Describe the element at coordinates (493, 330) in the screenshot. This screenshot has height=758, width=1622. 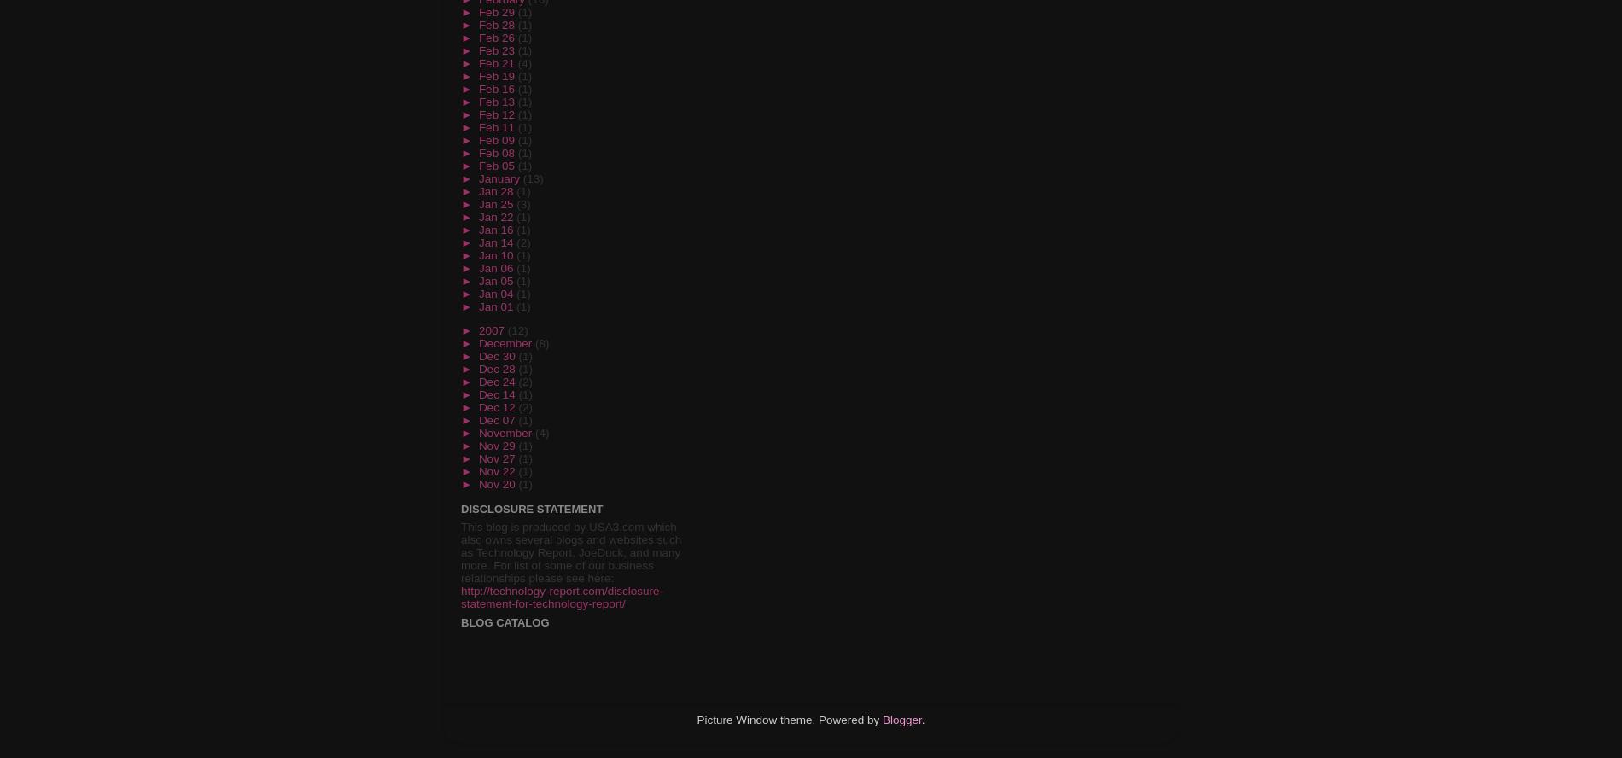
I see `'2007'` at that location.